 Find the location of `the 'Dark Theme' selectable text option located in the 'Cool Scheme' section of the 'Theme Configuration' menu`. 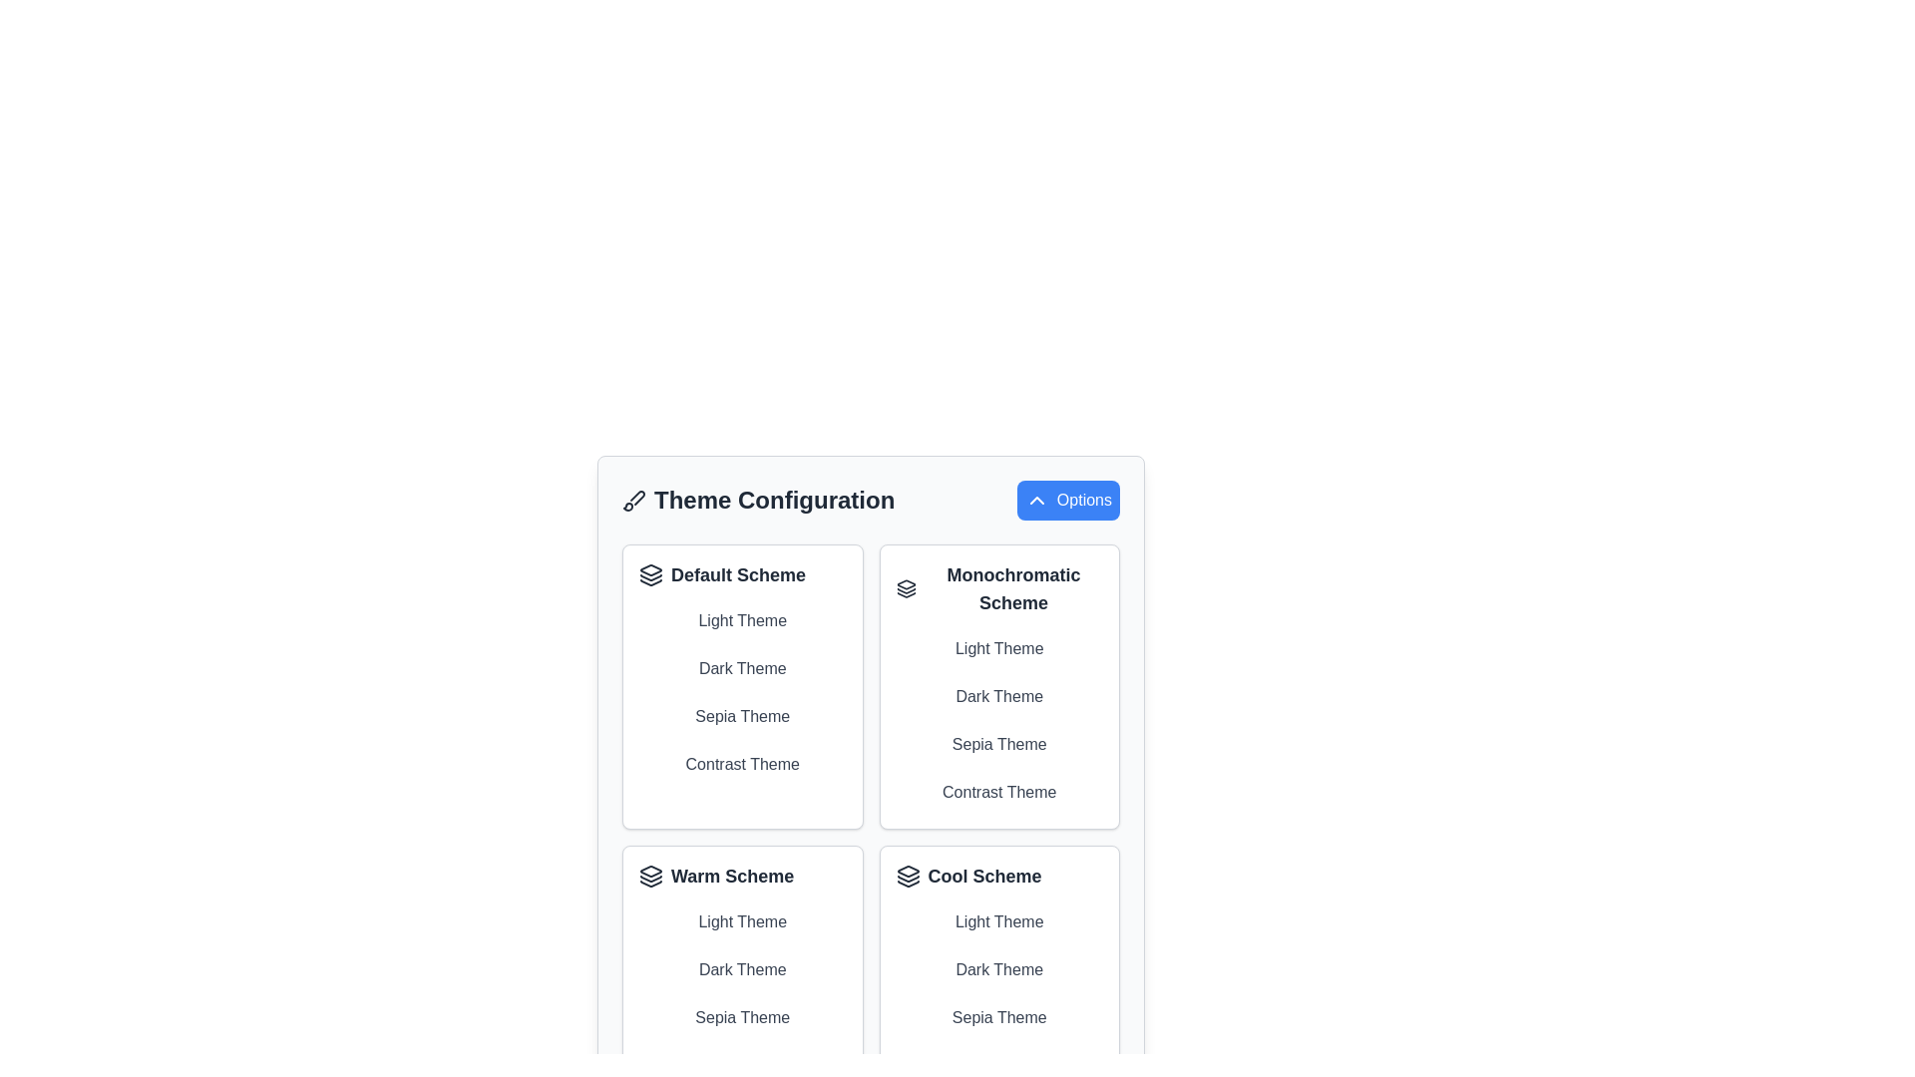

the 'Dark Theme' selectable text option located in the 'Cool Scheme' section of the 'Theme Configuration' menu is located at coordinates (999, 968).